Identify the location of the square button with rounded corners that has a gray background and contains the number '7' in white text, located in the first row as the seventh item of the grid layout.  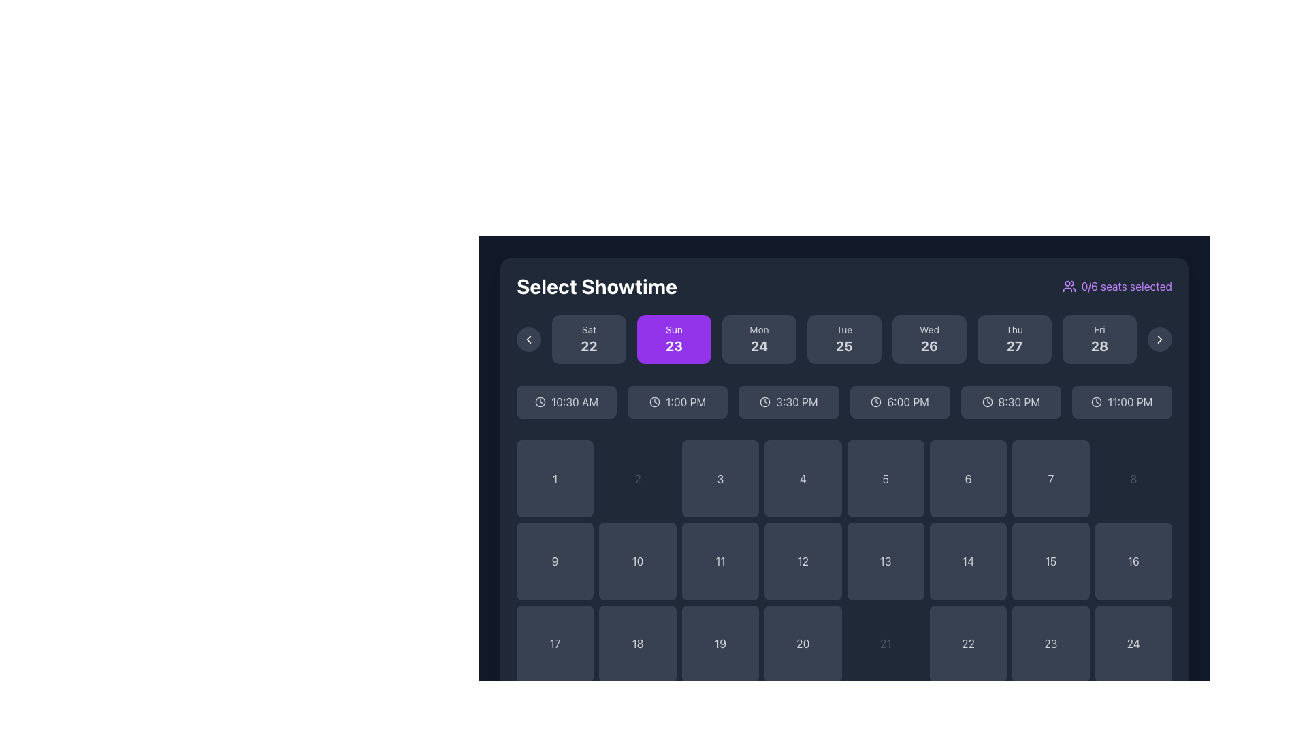
(1050, 478).